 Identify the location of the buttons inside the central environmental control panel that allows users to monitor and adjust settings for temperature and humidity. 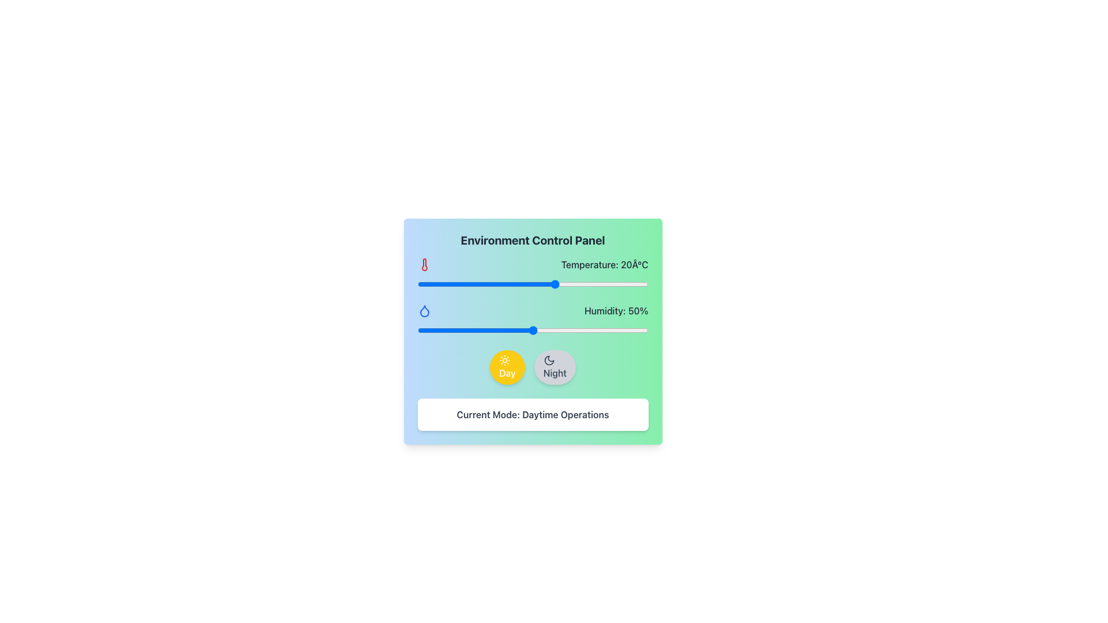
(532, 331).